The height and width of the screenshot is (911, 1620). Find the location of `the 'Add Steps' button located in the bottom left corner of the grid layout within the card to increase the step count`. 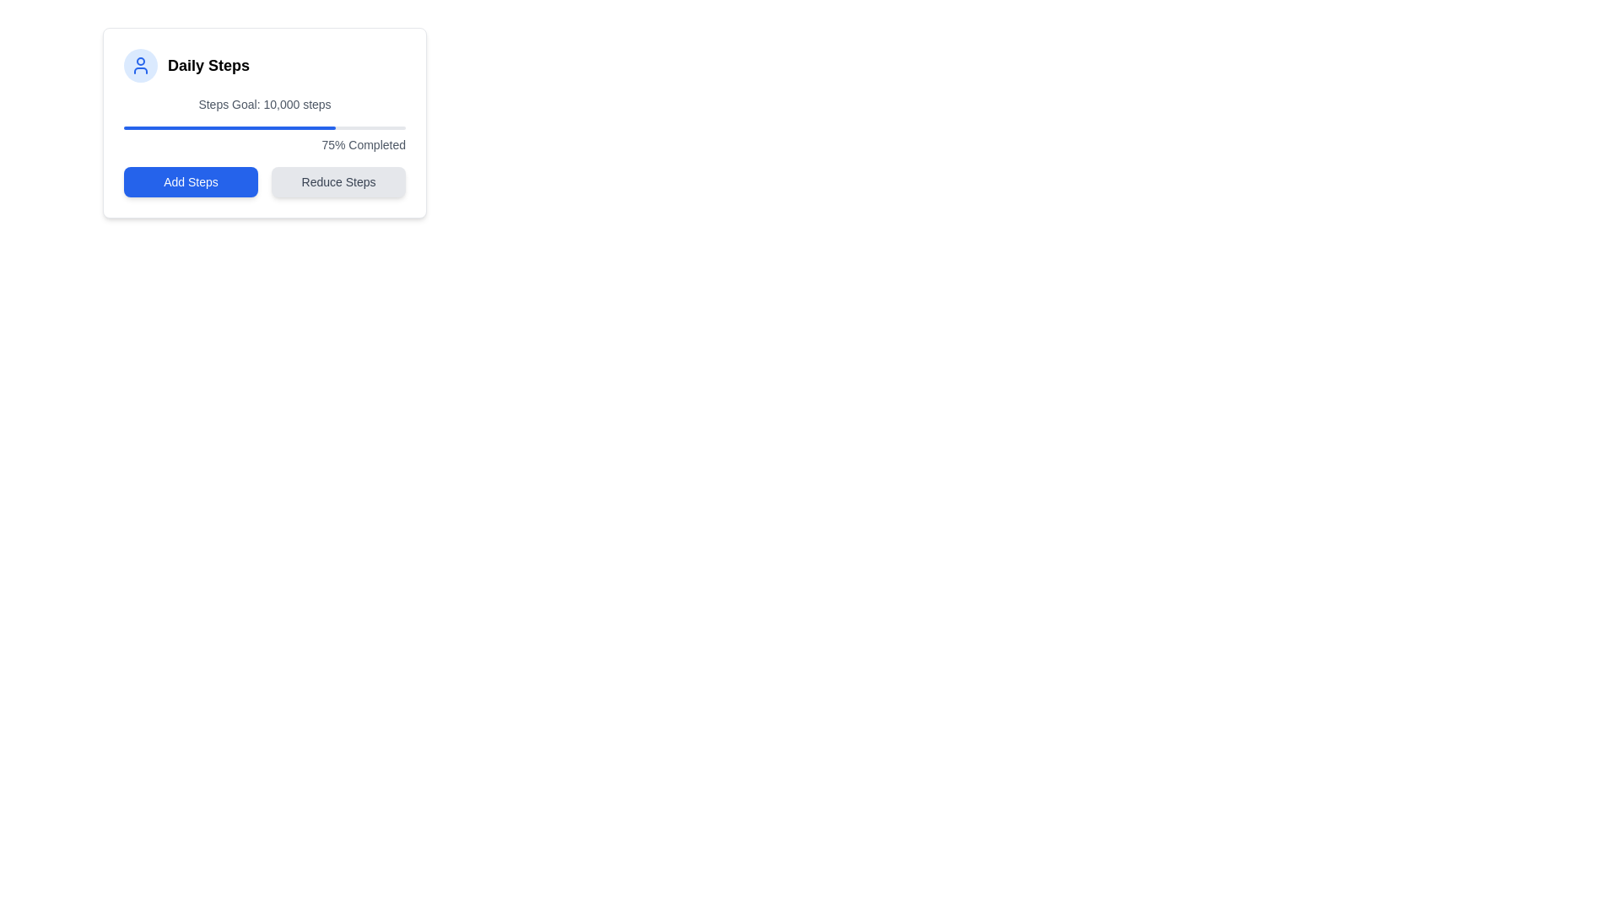

the 'Add Steps' button located in the bottom left corner of the grid layout within the card to increase the step count is located at coordinates (191, 182).